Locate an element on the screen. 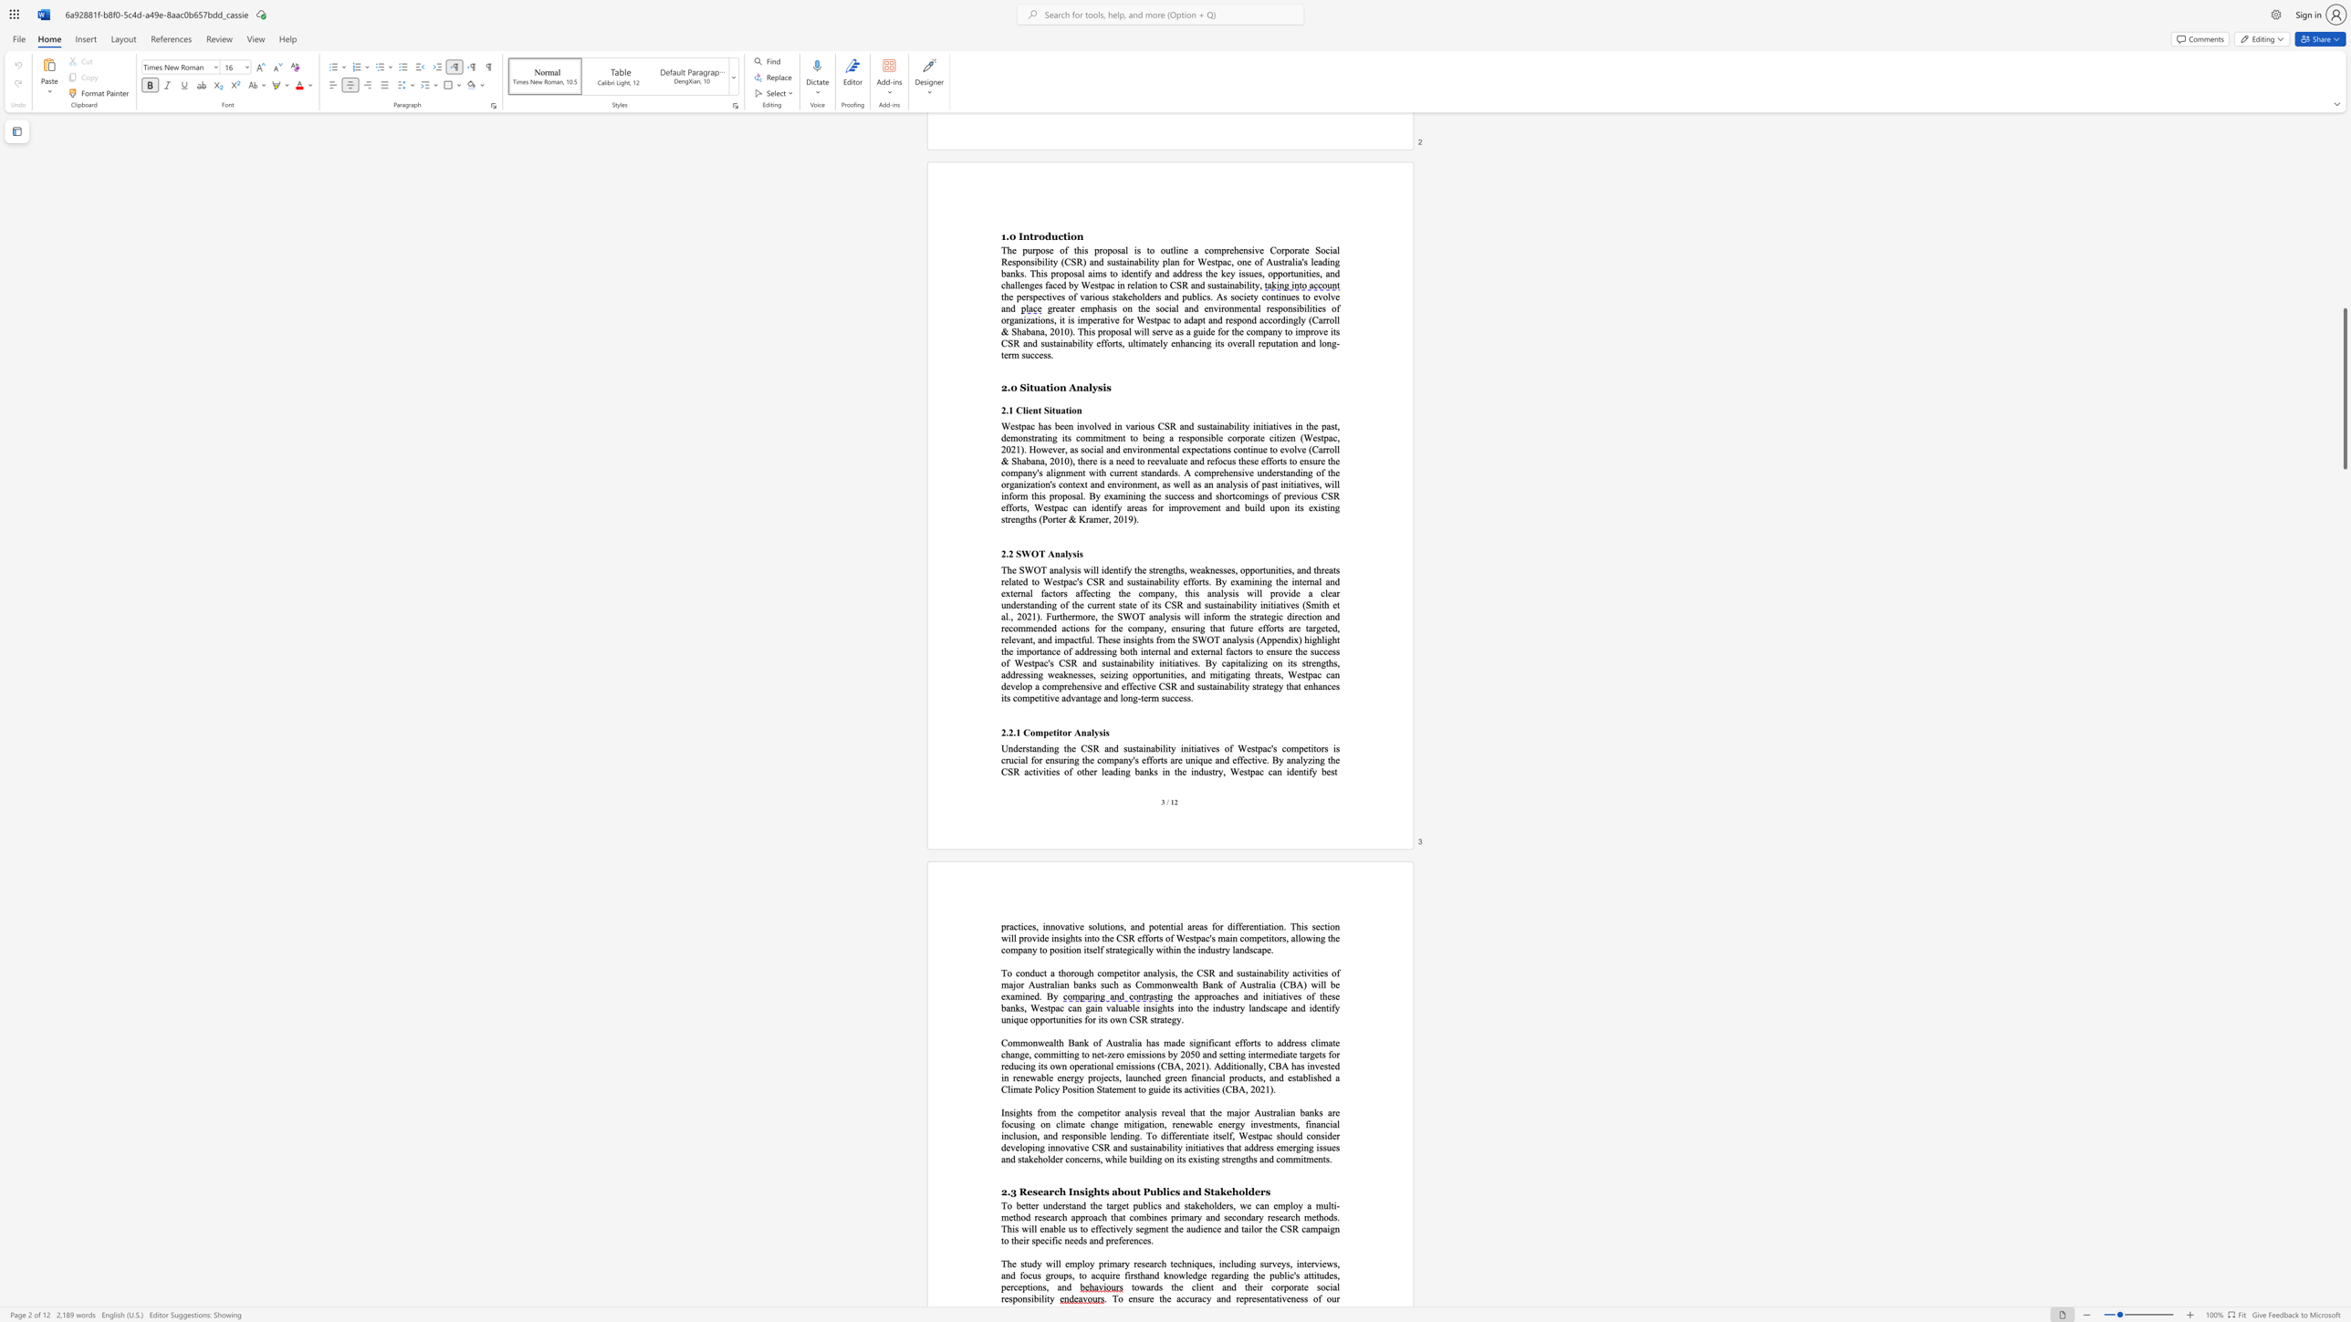 The image size is (2351, 1322). the subset text "ment to guide its activities (CBA, 2021" within the text "a Climate Policy Position Statement to guide its activities (CBA, 2021)." is located at coordinates (1116, 1088).